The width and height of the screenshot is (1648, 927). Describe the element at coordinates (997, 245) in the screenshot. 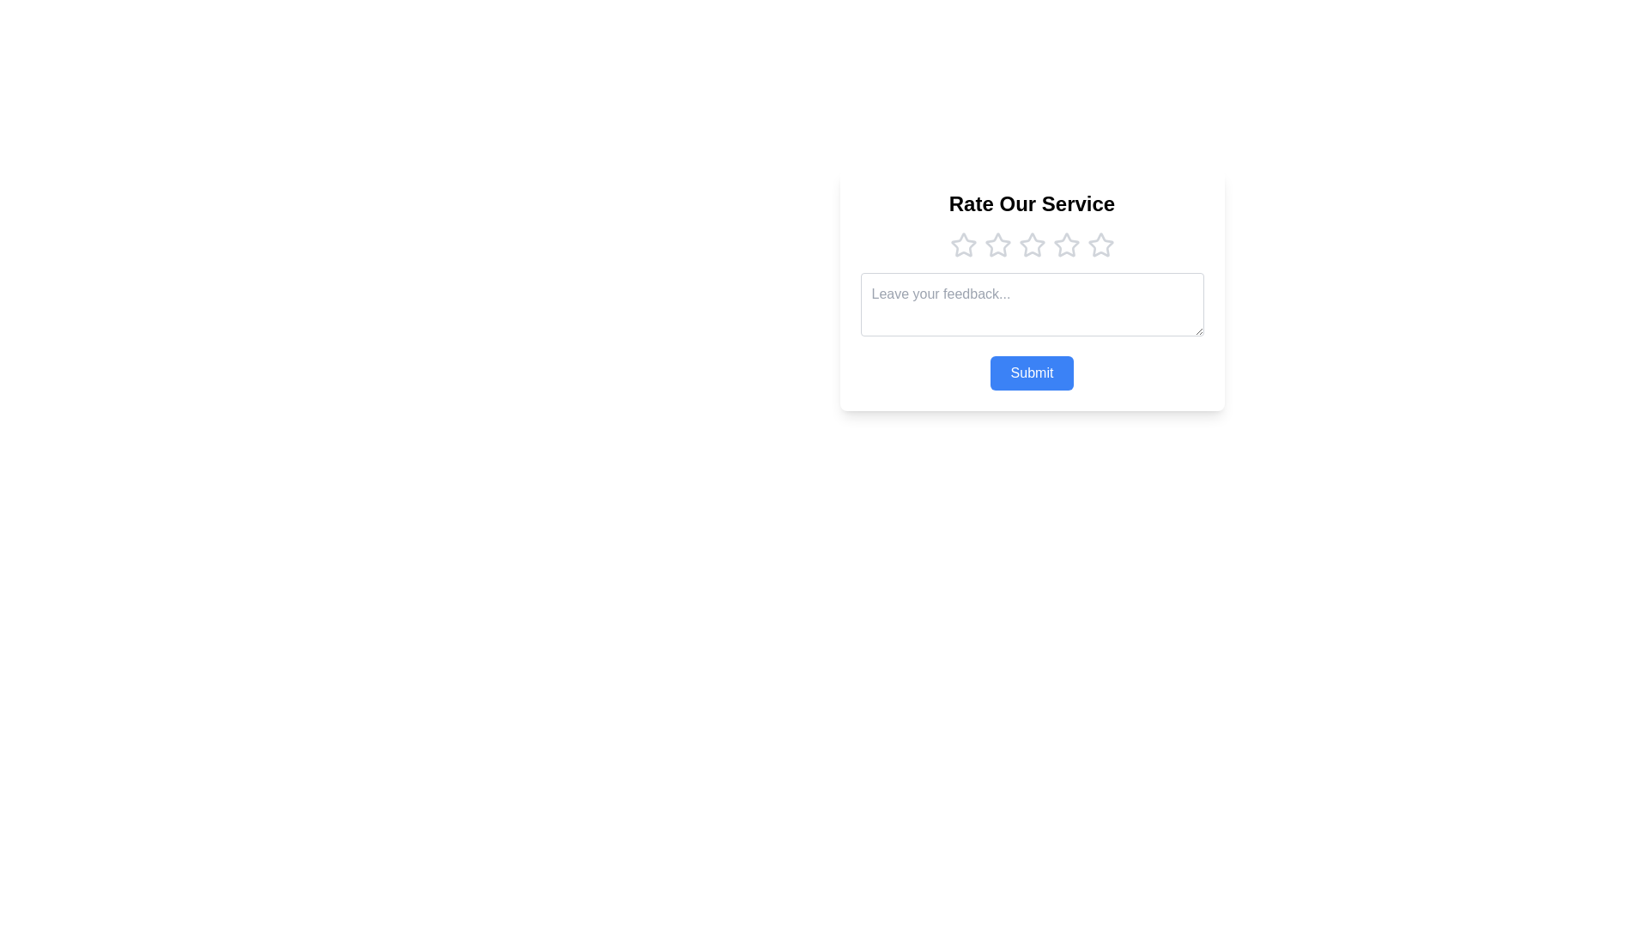

I see `the second star icon in the horizontal row of rating stars, which is light gray with a hollow center, located below the 'Rate Our Service' heading` at that location.